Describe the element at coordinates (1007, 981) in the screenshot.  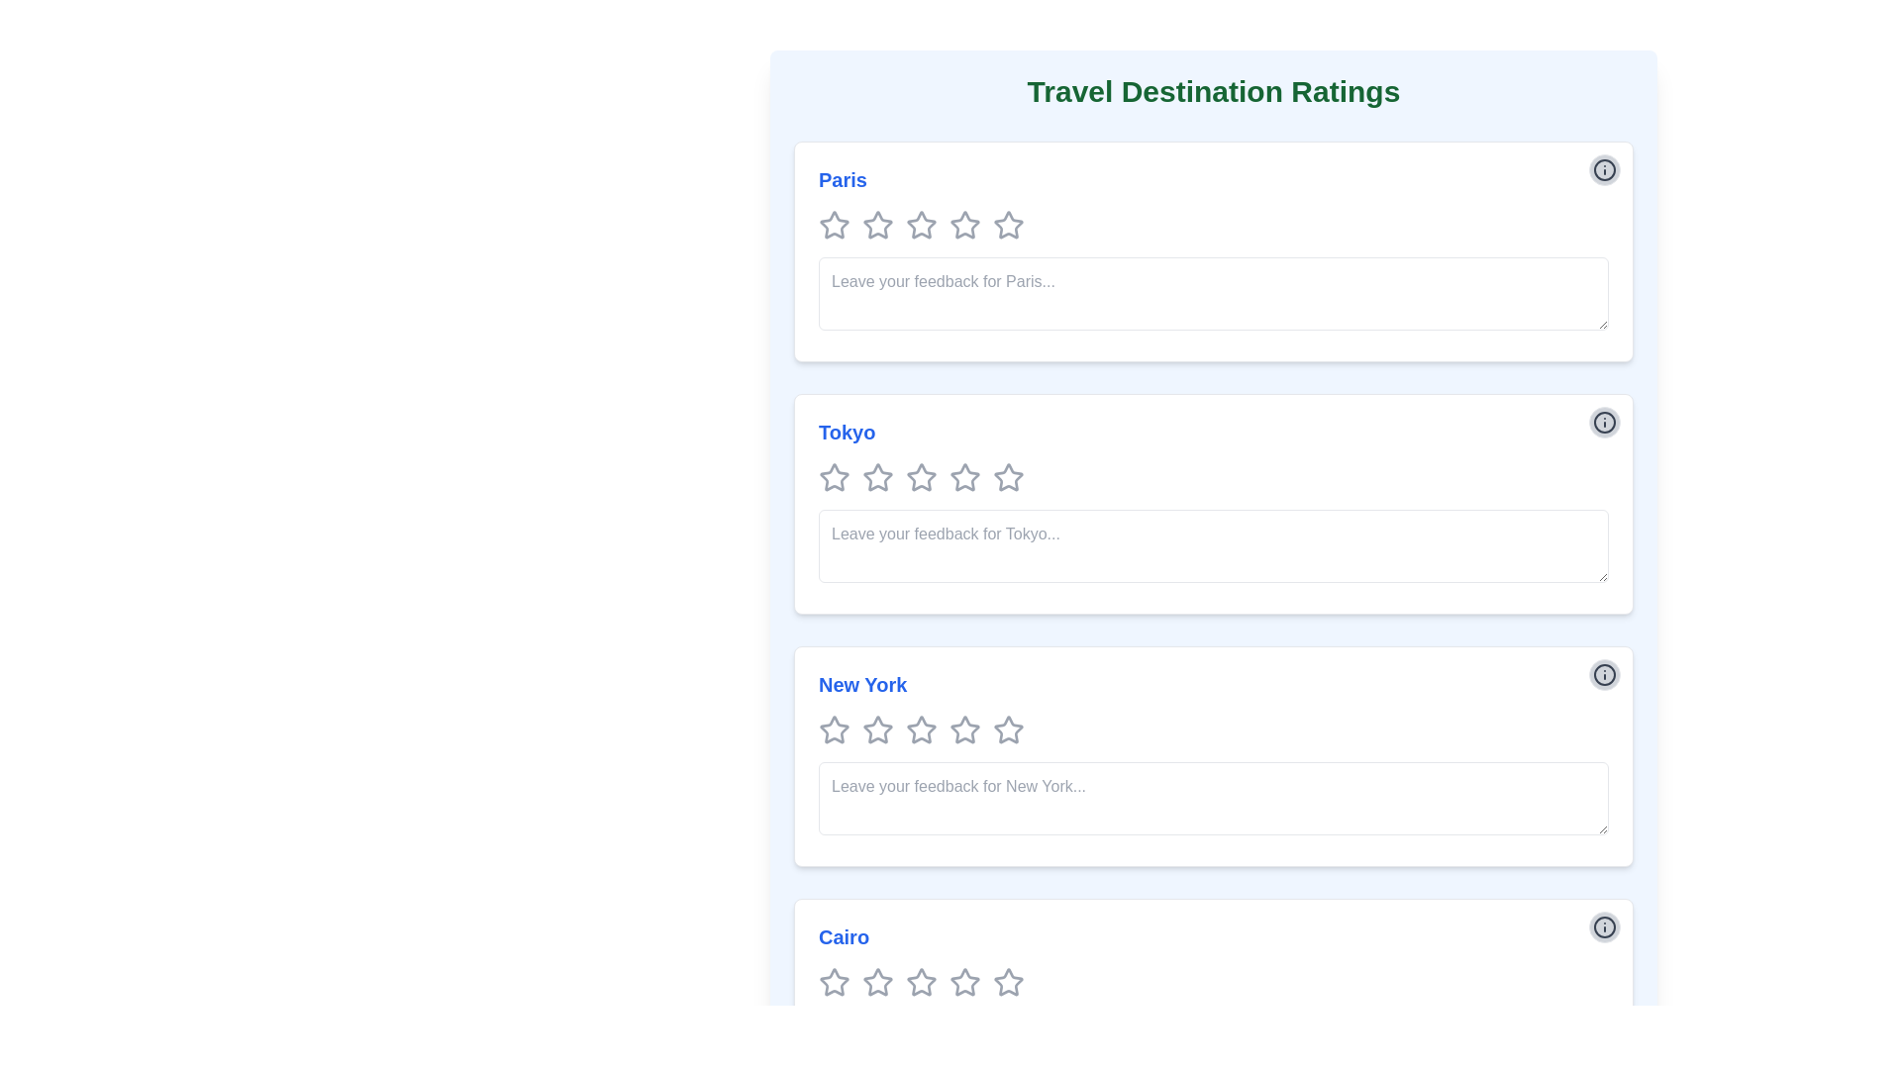
I see `the fourth star icon in the row of five stars` at that location.